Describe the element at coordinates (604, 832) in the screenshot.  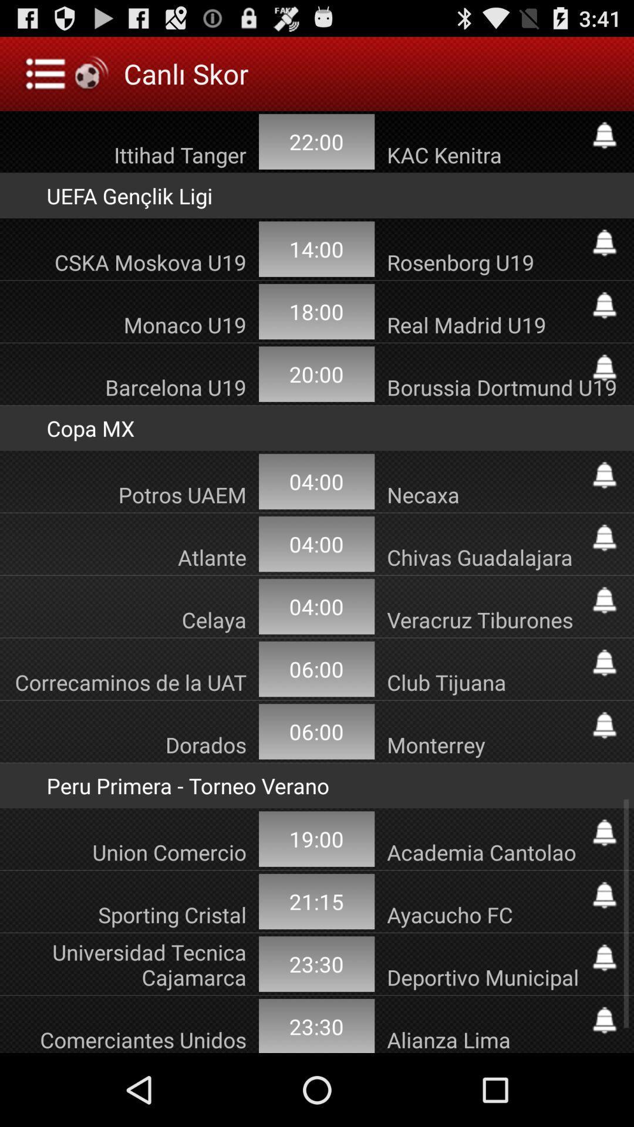
I see `see notification` at that location.